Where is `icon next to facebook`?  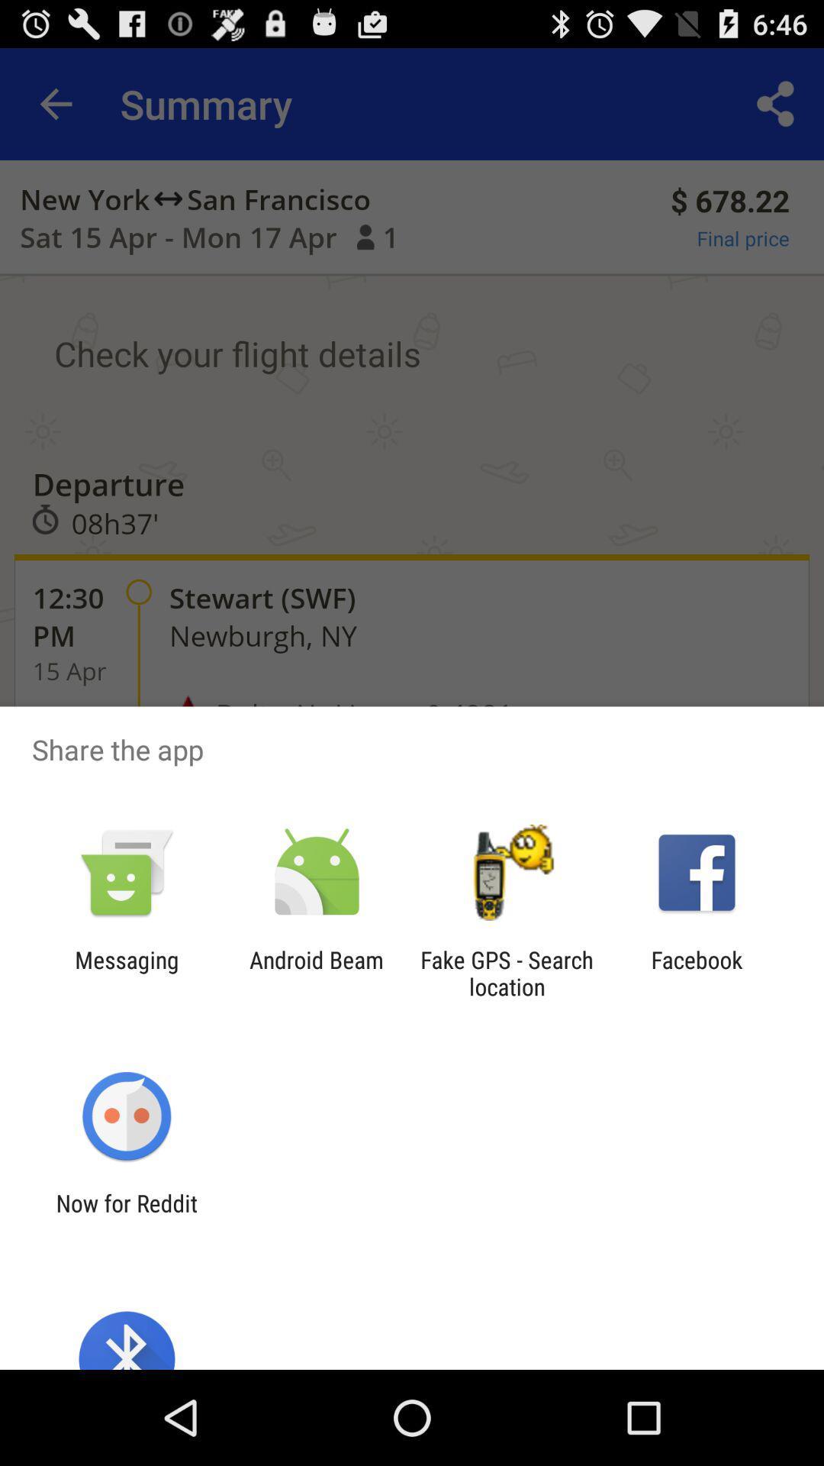 icon next to facebook is located at coordinates (507, 973).